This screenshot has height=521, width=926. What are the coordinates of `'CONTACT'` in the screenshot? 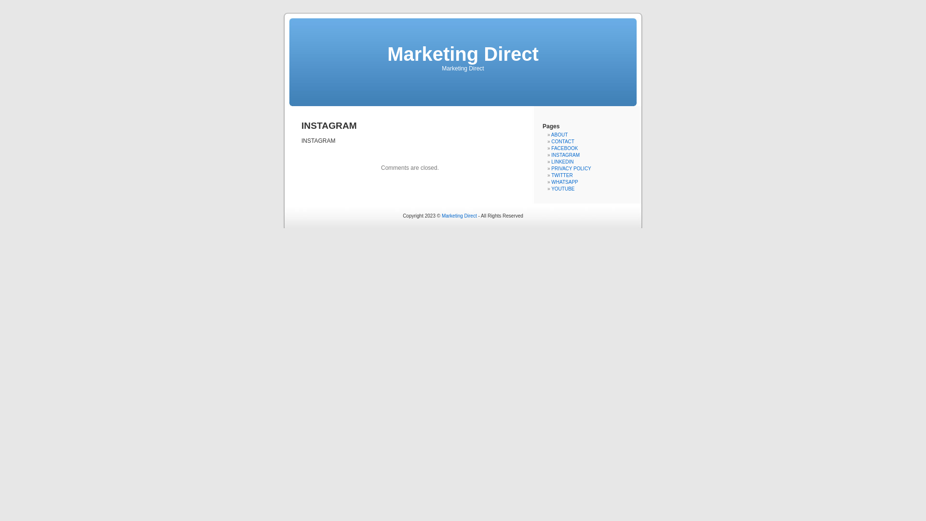 It's located at (562, 141).